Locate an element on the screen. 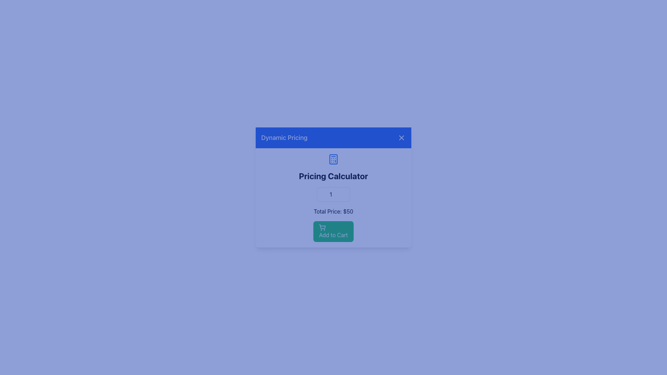 The width and height of the screenshot is (667, 375). the cart icon located within the 'Add to Cart' button in the 'Pricing Calculator' modal window is located at coordinates (322, 227).